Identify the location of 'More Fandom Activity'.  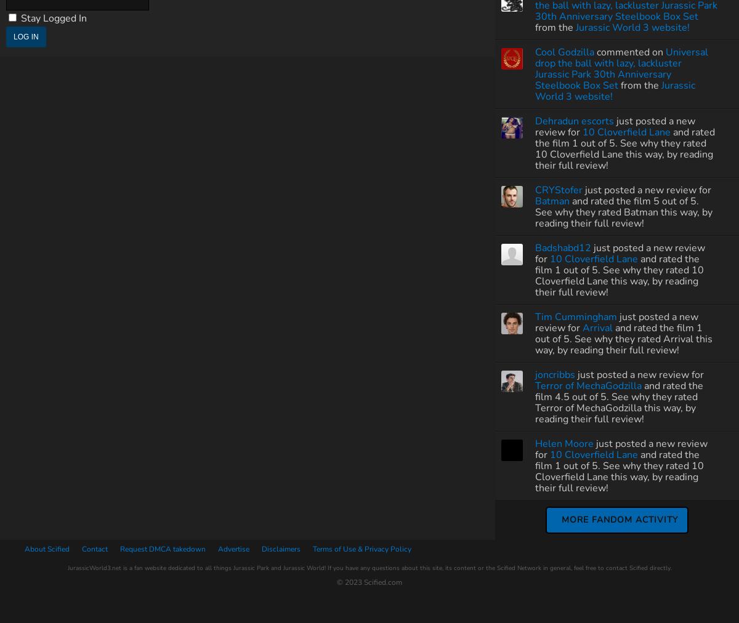
(620, 518).